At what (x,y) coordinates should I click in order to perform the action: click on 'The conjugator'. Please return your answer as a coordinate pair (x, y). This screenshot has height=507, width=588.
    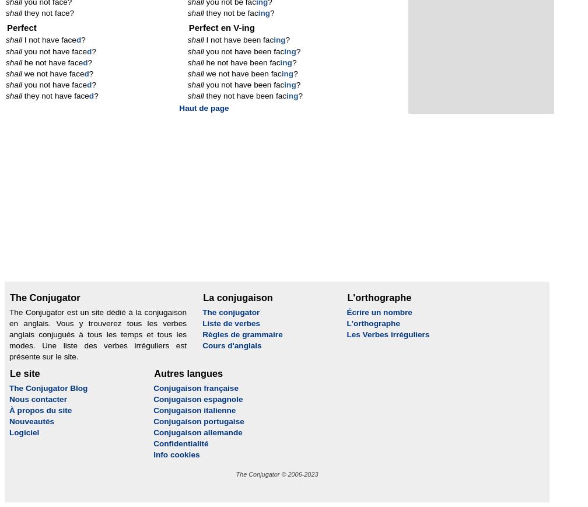
    Looking at the image, I should click on (231, 312).